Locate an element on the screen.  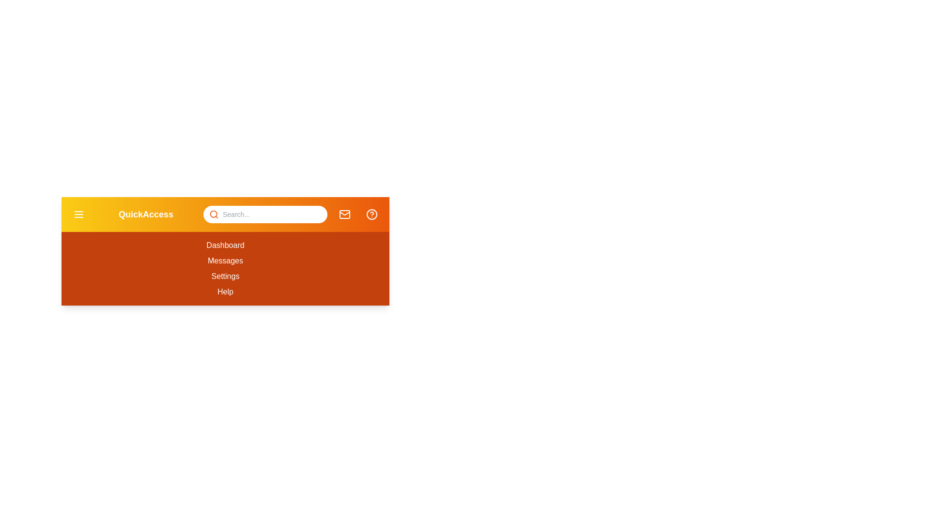
the 'Messages' text label, which is styled in white text on an orange background and is the second item in a vertical list under the 'Dashboard' is located at coordinates (225, 261).